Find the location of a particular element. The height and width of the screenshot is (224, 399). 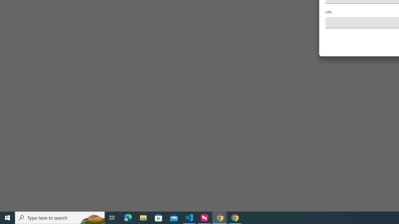

'Start' is located at coordinates (7, 217).